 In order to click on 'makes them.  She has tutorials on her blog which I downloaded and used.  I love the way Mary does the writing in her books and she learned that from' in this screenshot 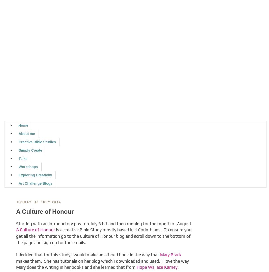, I will do `click(102, 264)`.